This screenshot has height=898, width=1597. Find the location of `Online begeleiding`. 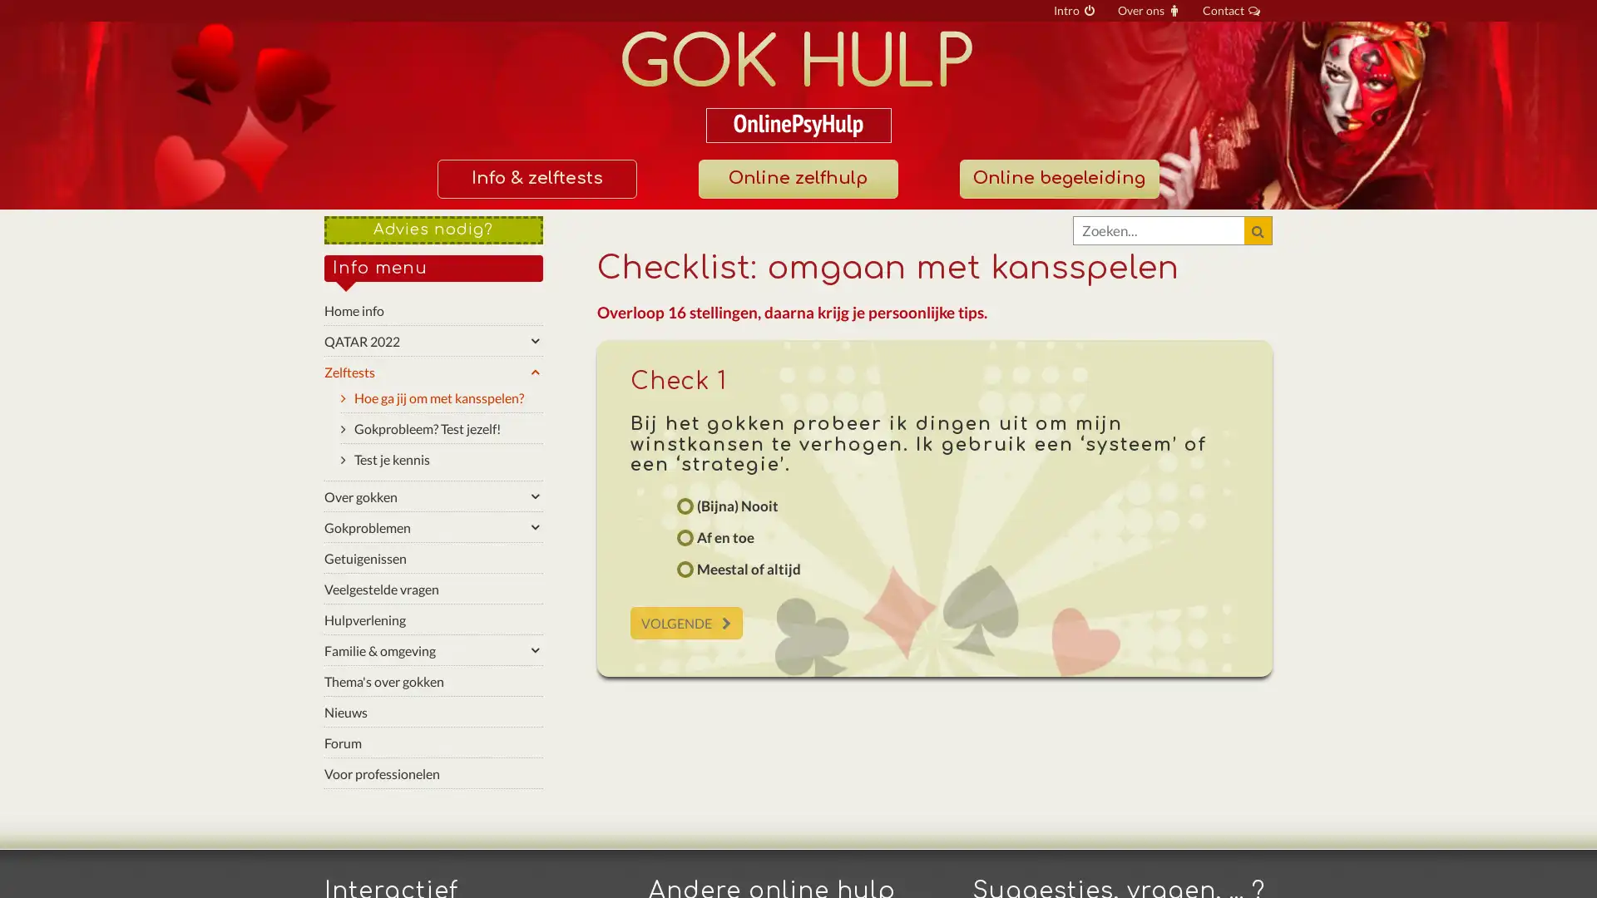

Online begeleiding is located at coordinates (1057, 179).